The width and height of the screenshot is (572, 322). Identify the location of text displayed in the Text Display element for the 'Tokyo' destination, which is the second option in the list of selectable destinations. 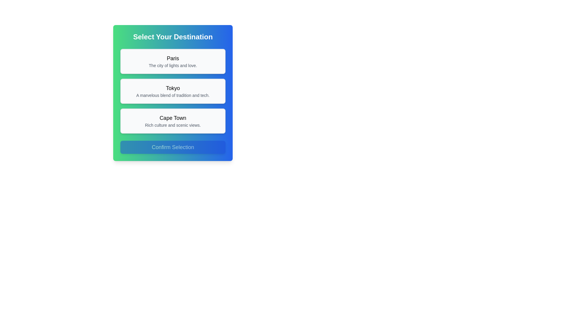
(172, 91).